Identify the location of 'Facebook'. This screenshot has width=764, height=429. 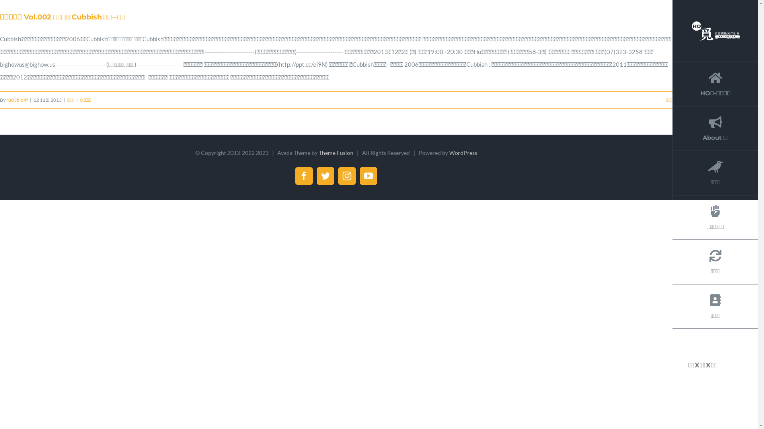
(303, 176).